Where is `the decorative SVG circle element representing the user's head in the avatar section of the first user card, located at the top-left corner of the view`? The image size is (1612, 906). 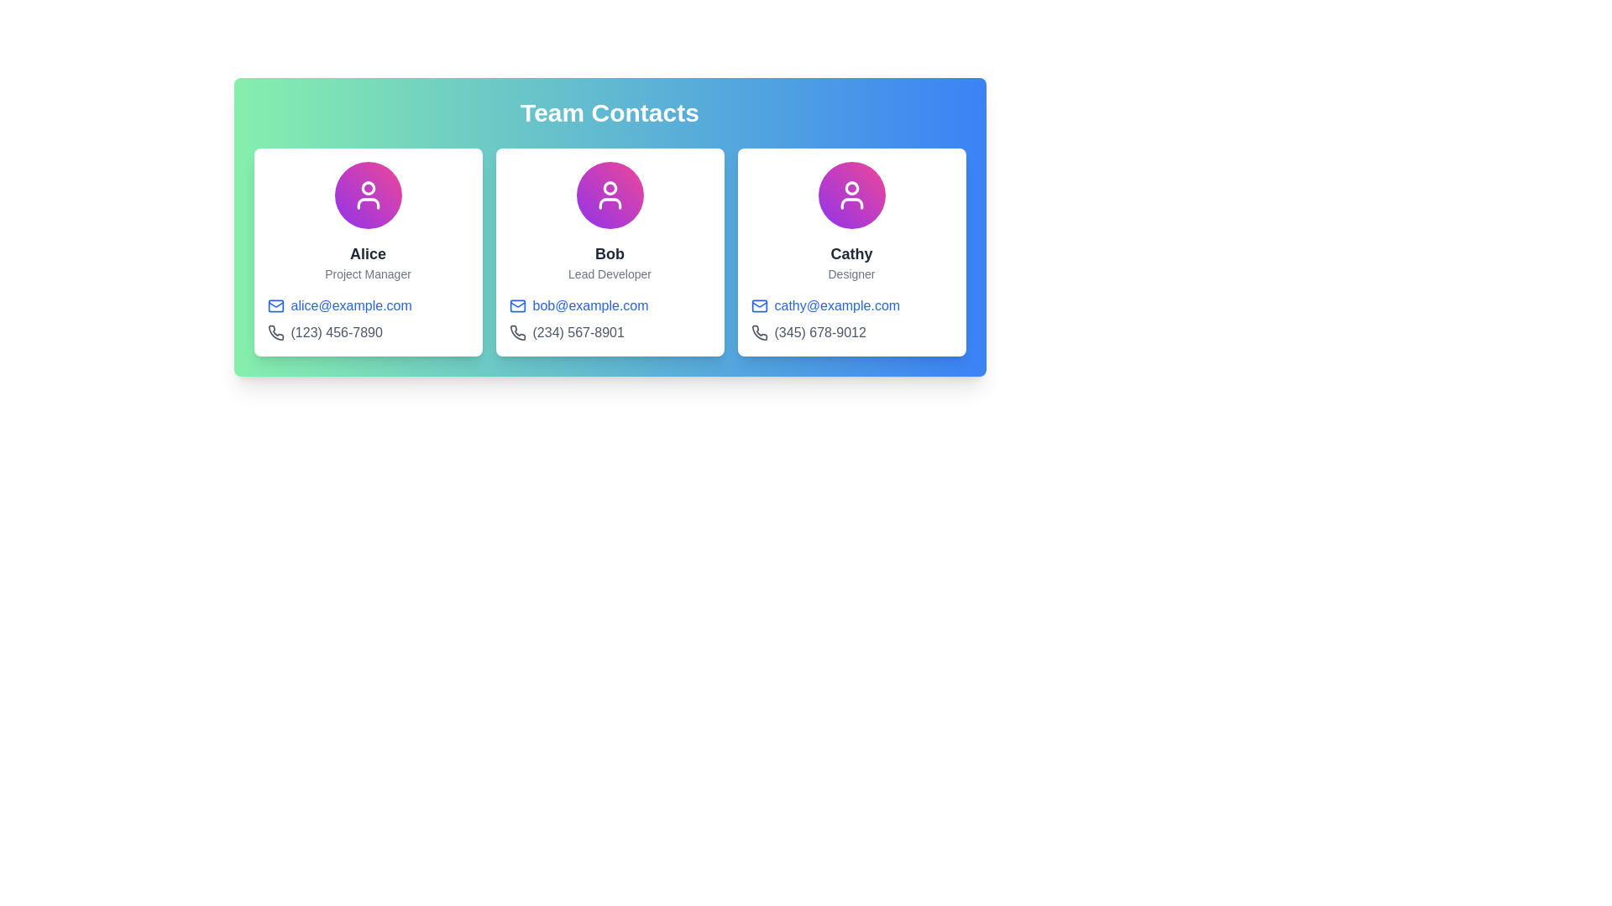 the decorative SVG circle element representing the user's head in the avatar section of the first user card, located at the top-left corner of the view is located at coordinates (367, 188).